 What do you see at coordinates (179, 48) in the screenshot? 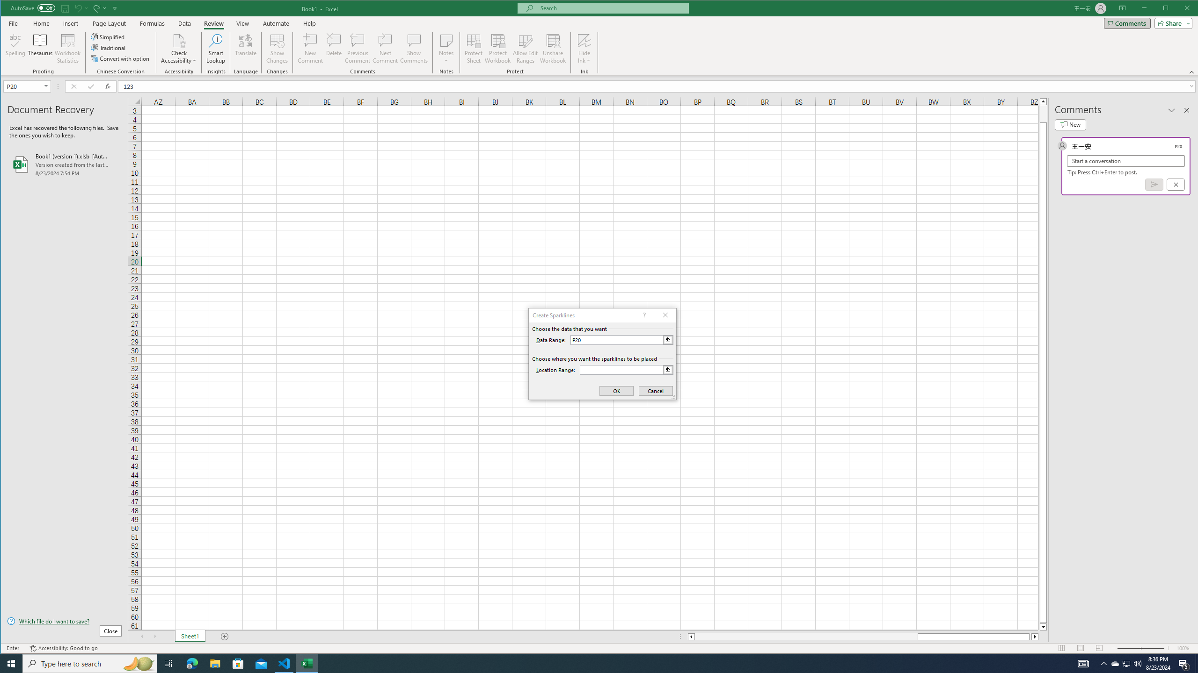
I see `'Check Accessibility'` at bounding box center [179, 48].